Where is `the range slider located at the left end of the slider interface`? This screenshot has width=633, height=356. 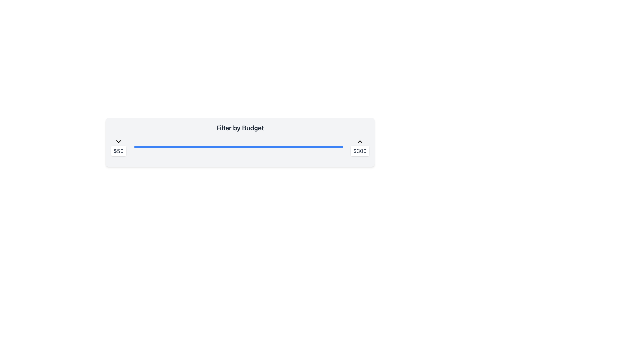
the range slider located at the left end of the slider interface is located at coordinates (119, 147).